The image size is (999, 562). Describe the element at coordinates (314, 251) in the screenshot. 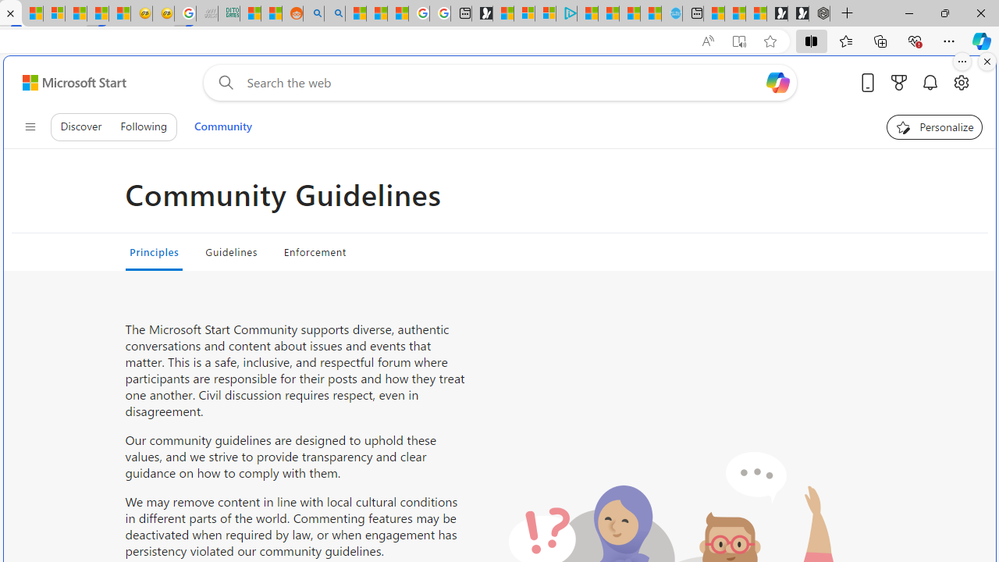

I see `'Enforcement'` at that location.